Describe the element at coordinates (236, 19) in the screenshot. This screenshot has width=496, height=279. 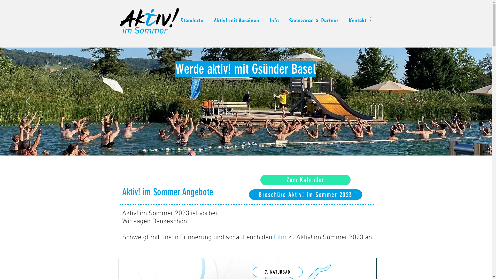
I see `'Aktiv! mit Vereinen'` at that location.